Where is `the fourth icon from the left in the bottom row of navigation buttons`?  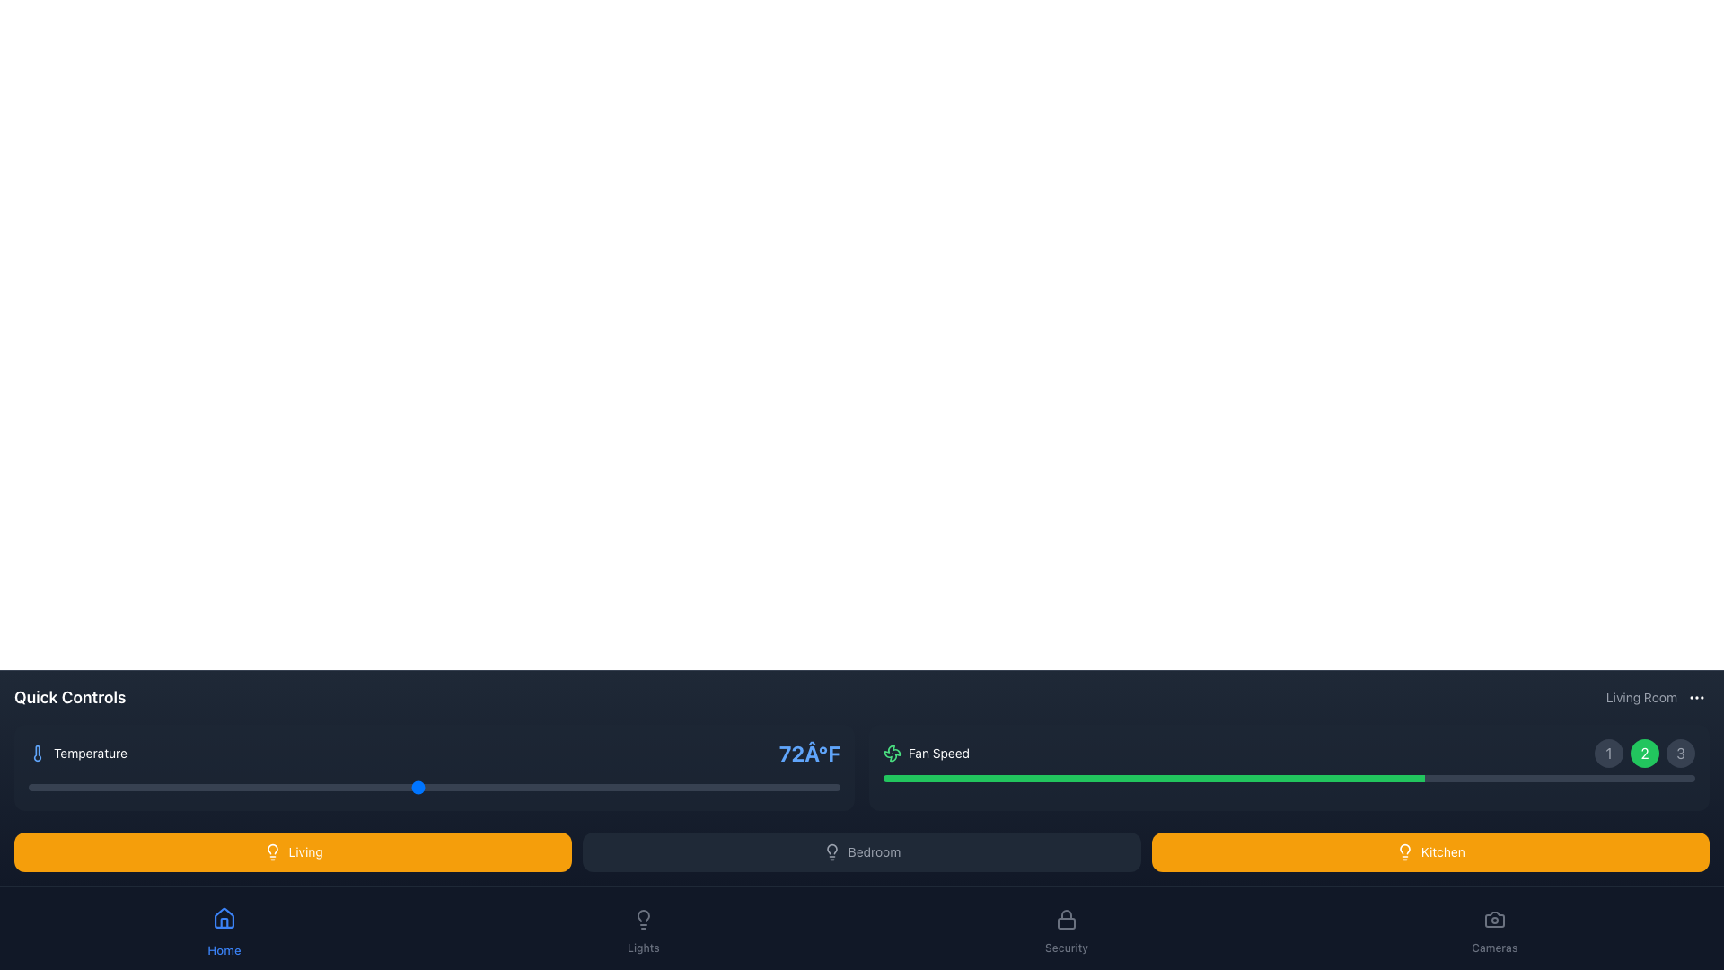
the fourth icon from the left in the bottom row of navigation buttons is located at coordinates (643, 919).